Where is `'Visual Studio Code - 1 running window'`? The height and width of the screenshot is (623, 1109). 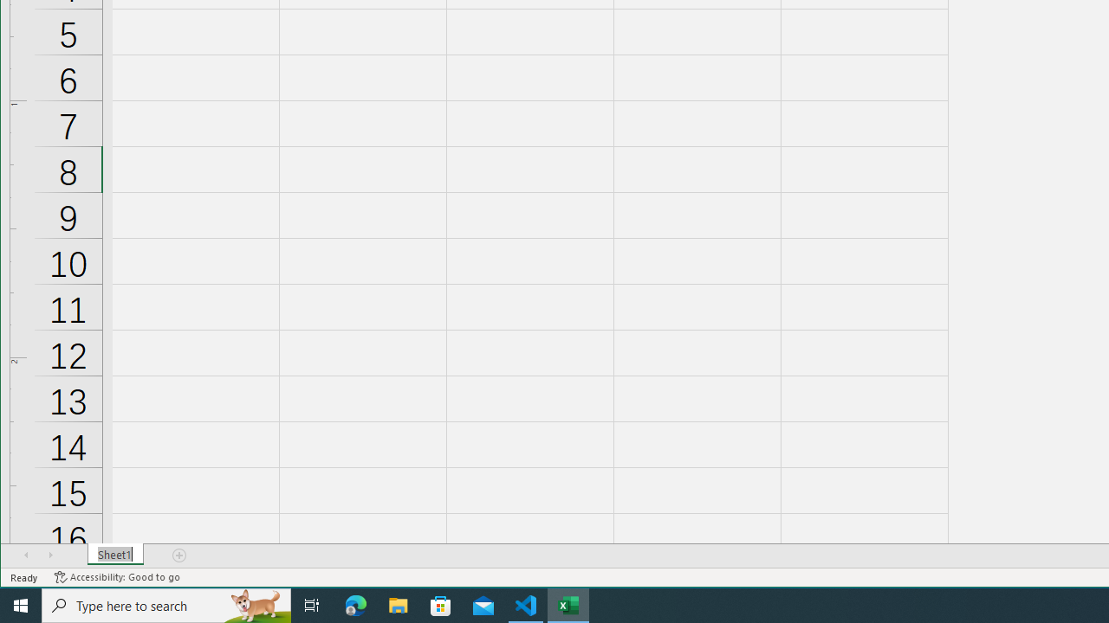 'Visual Studio Code - 1 running window' is located at coordinates (525, 604).